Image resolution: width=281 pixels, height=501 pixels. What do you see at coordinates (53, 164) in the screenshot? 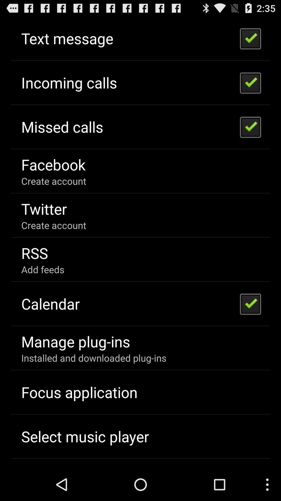
I see `item below missed calls app` at bounding box center [53, 164].